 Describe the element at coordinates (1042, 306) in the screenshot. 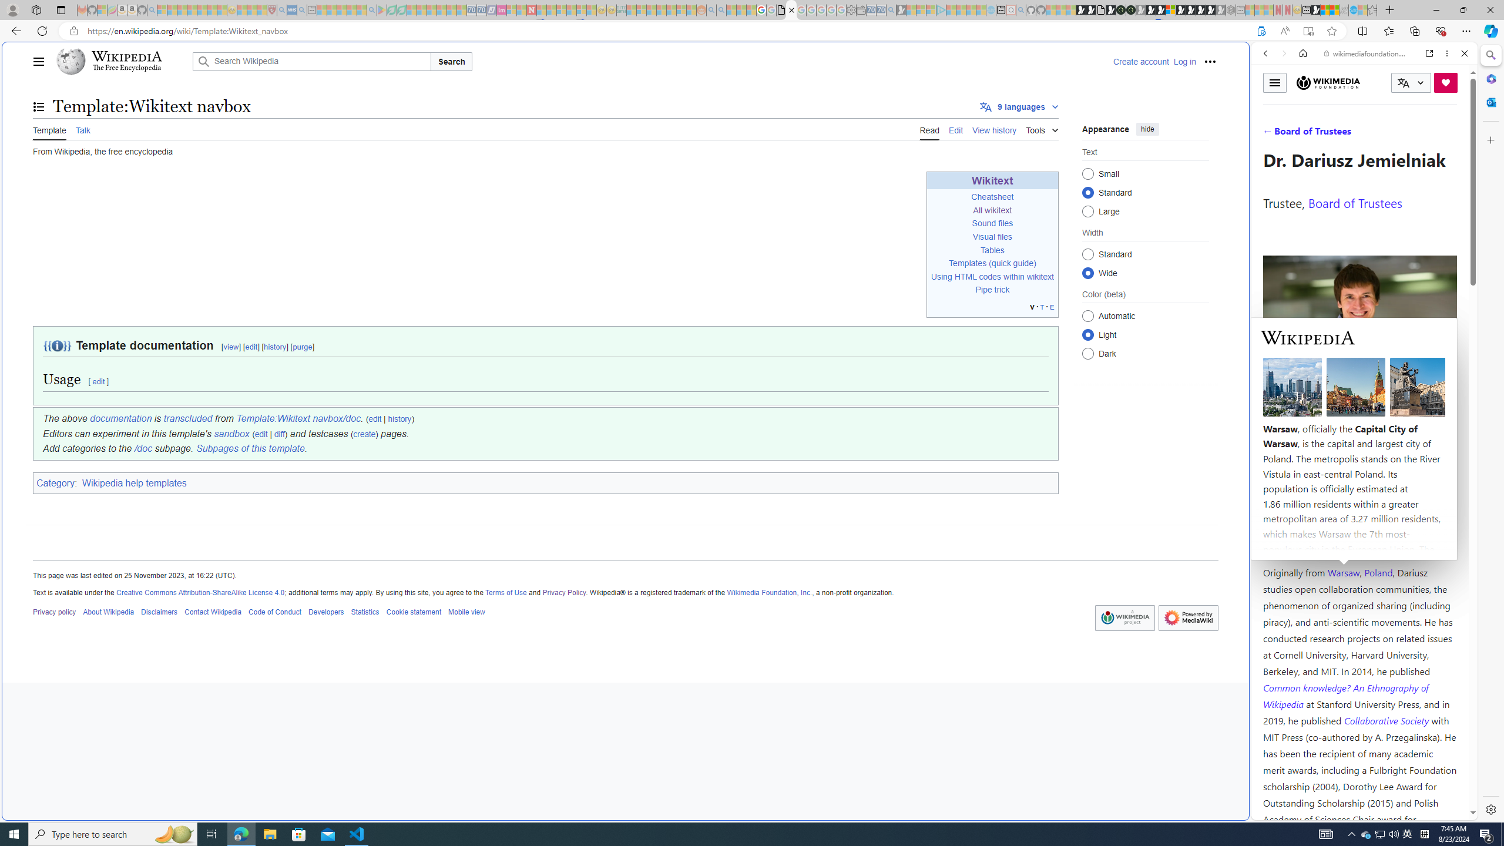

I see `'t'` at that location.